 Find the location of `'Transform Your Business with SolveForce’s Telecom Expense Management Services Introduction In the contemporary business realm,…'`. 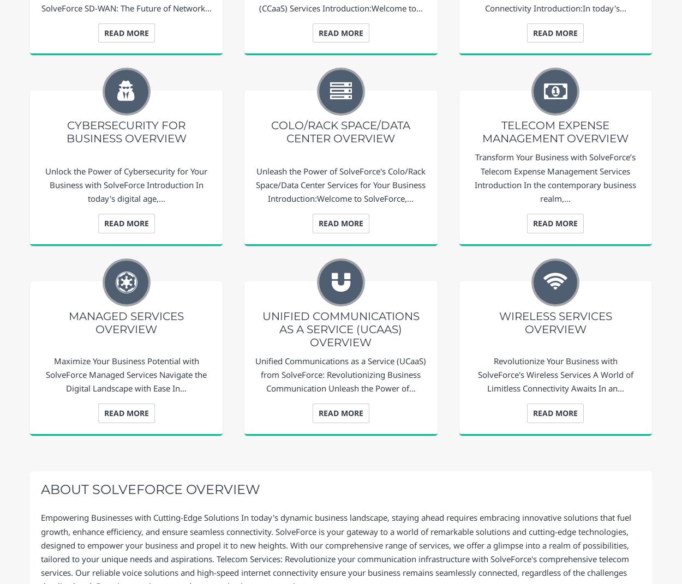

'Transform Your Business with SolveForce’s Telecom Expense Management Services Introduction In the contemporary business realm,…' is located at coordinates (474, 177).